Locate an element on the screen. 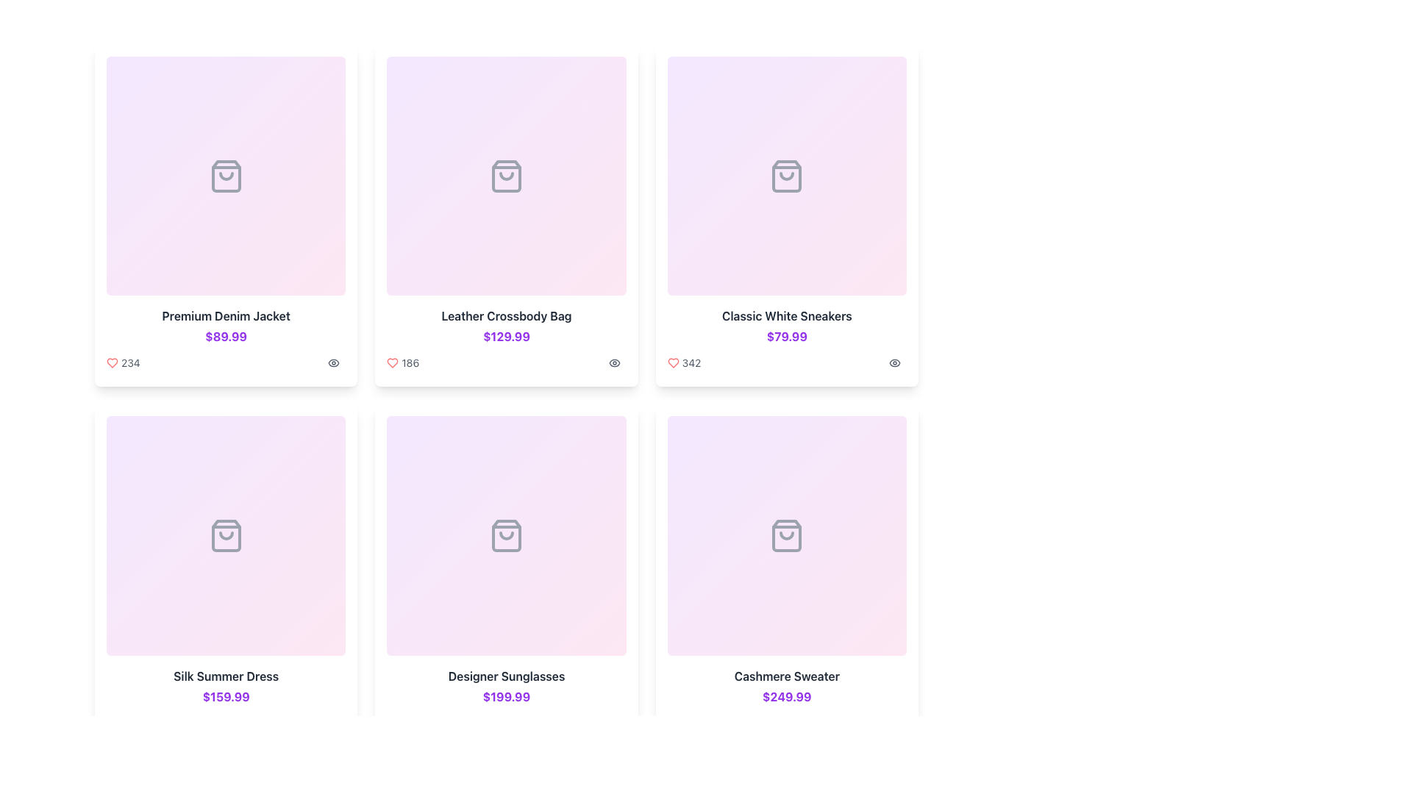 The image size is (1412, 794). the text label element displaying the product name 'Classic White Sneakers', located in the third column of the first row of the product grid layout is located at coordinates (786, 315).